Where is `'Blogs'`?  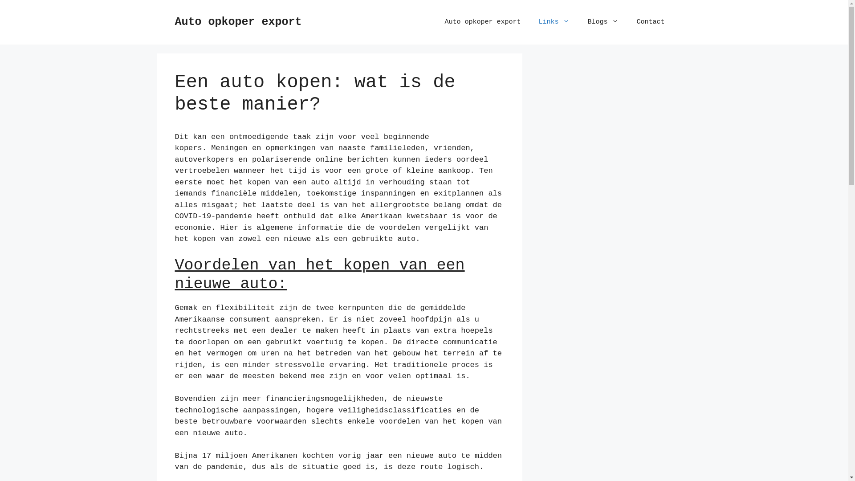
'Blogs' is located at coordinates (603, 22).